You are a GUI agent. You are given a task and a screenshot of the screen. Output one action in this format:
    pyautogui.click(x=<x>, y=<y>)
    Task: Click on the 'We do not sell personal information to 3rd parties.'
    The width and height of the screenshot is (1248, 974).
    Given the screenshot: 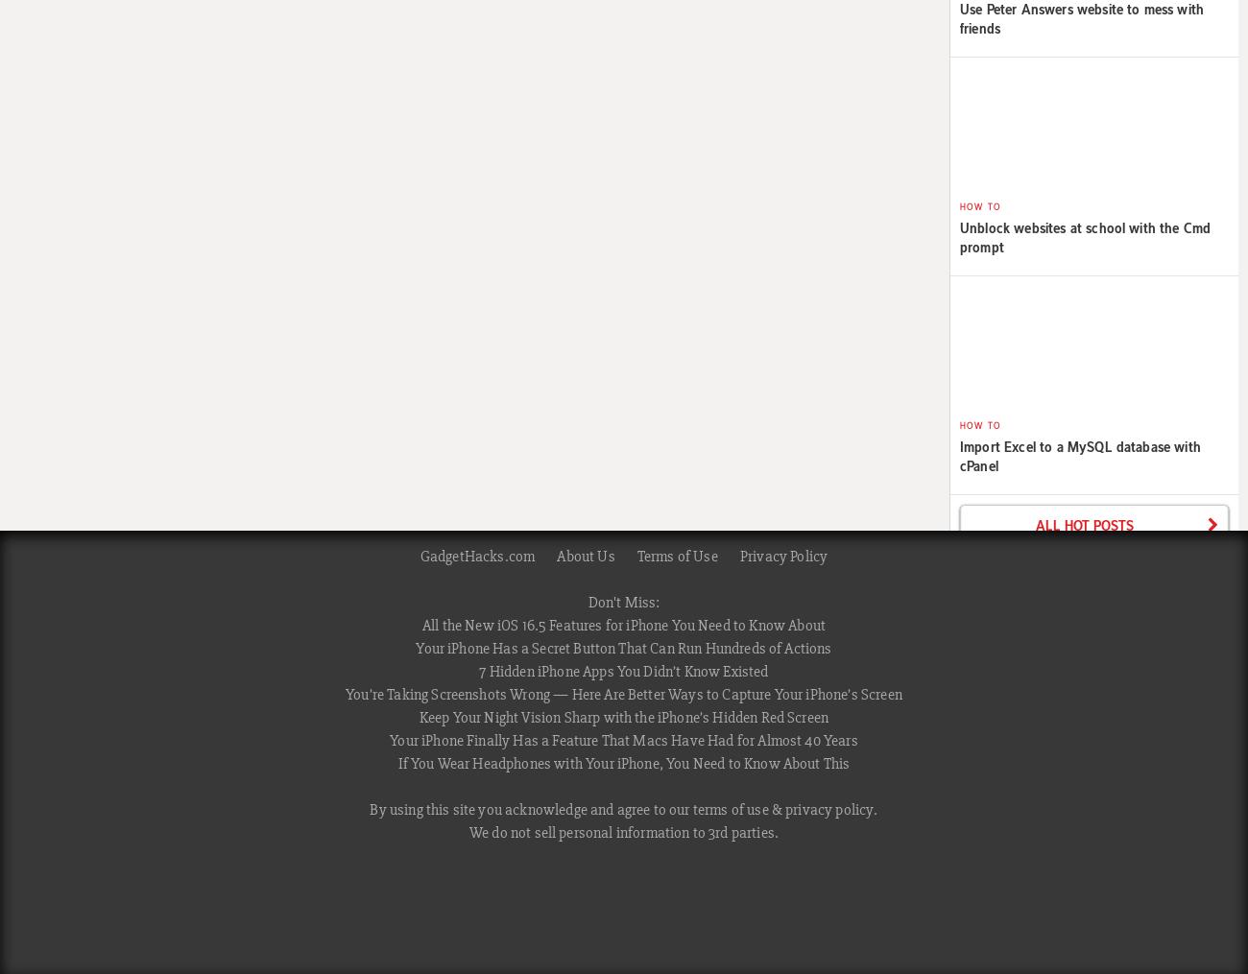 What is the action you would take?
    pyautogui.click(x=623, y=833)
    